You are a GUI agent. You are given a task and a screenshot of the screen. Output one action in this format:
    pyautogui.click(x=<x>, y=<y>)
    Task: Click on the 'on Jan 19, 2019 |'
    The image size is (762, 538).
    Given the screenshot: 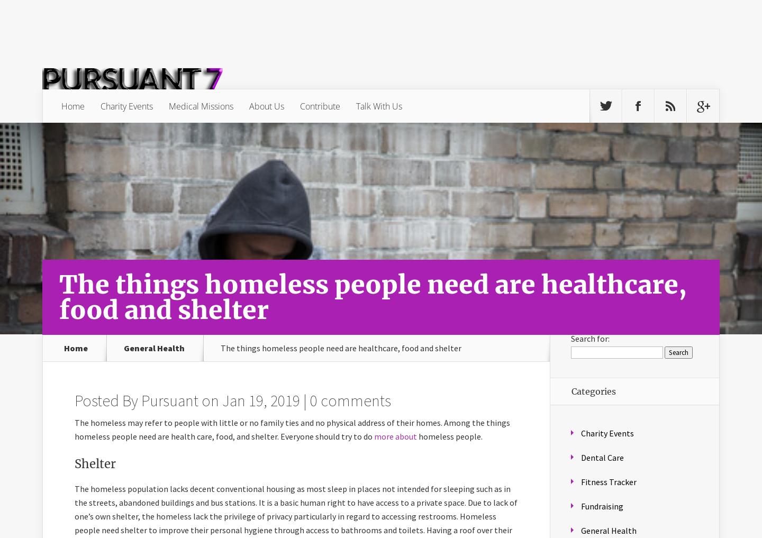 What is the action you would take?
    pyautogui.click(x=254, y=400)
    